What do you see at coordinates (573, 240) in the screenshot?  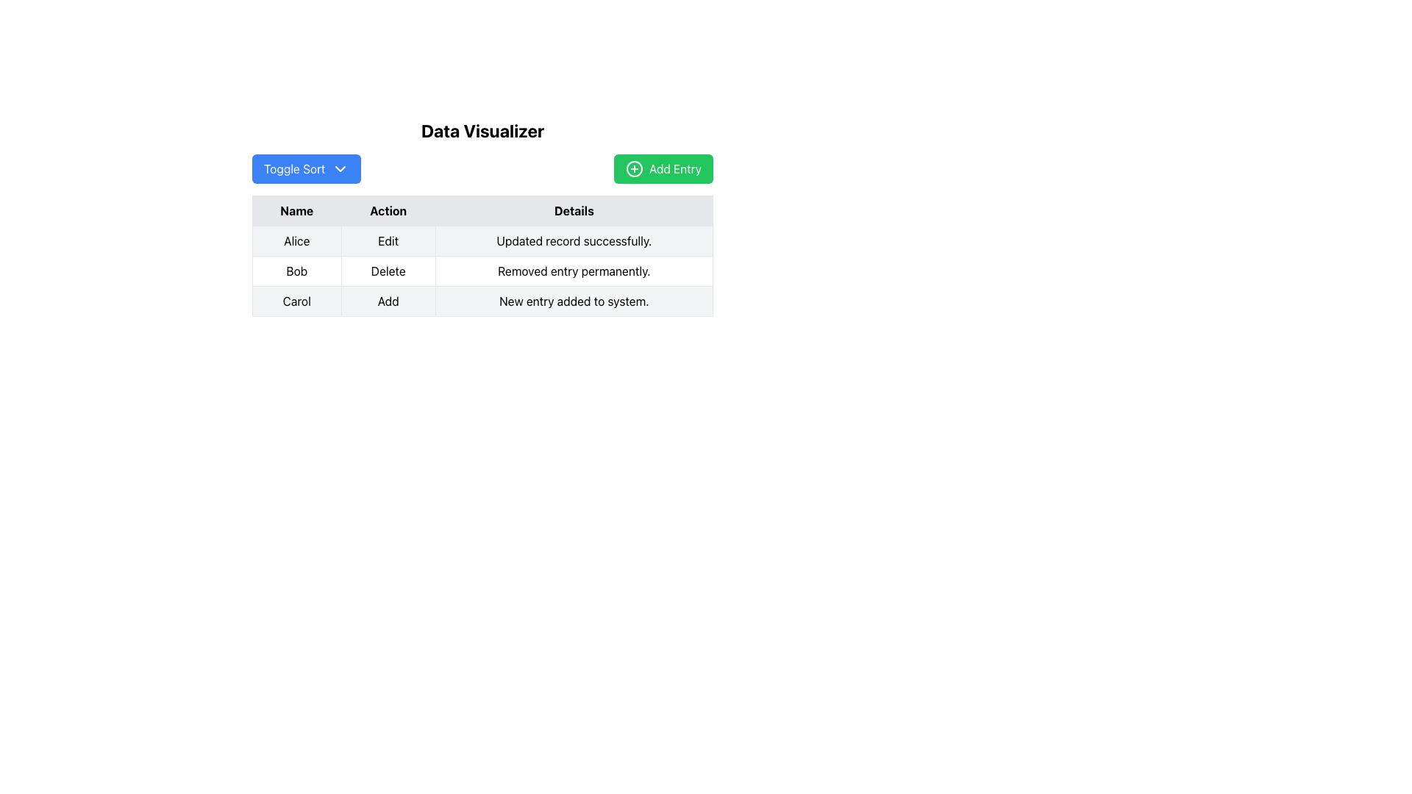 I see `the text field displaying the message 'Updated record successfully.' which is located in the last column of the first row of a table-like structure` at bounding box center [573, 240].